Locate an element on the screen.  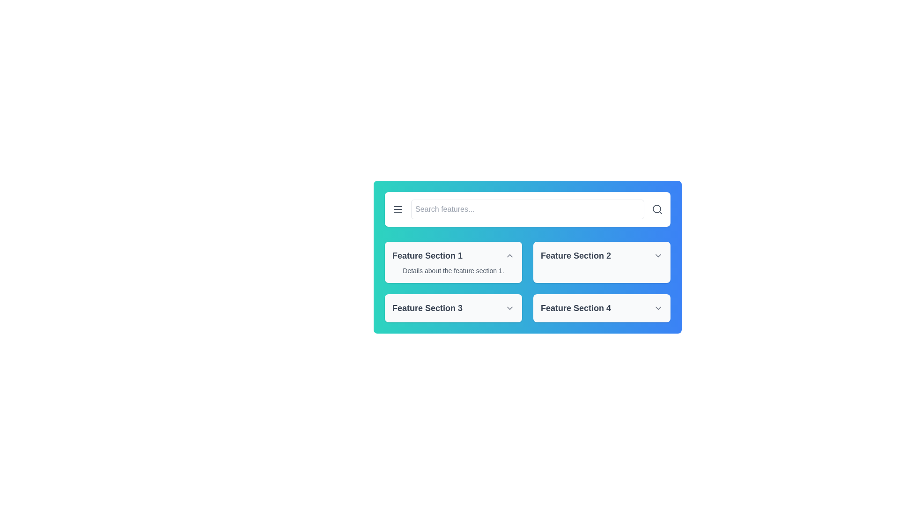
the Collapsible Section Header for 'Feature Section 3' is located at coordinates (453, 308).